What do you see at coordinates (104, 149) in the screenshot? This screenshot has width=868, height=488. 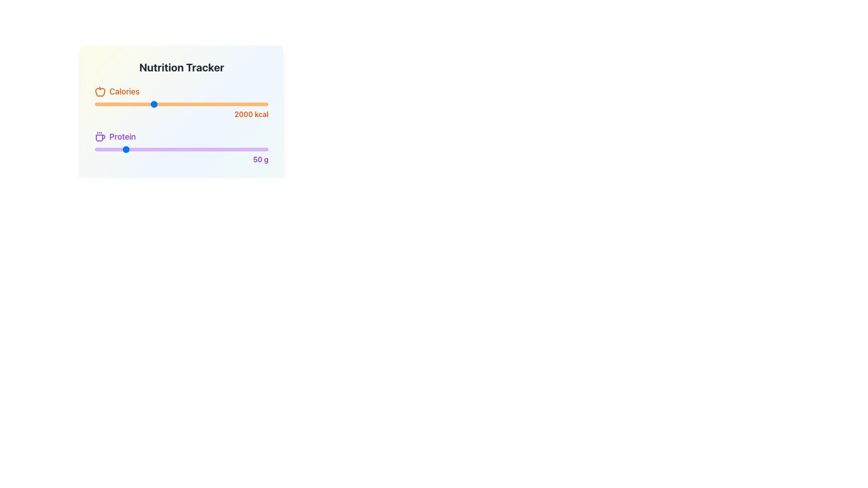 I see `protein quantity` at bounding box center [104, 149].